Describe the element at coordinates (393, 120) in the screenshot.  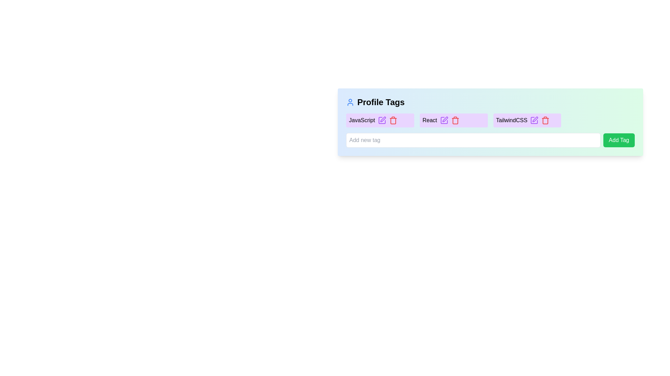
I see `the delete button located to the right of the 'JavaScript' text and edit icon` at that location.